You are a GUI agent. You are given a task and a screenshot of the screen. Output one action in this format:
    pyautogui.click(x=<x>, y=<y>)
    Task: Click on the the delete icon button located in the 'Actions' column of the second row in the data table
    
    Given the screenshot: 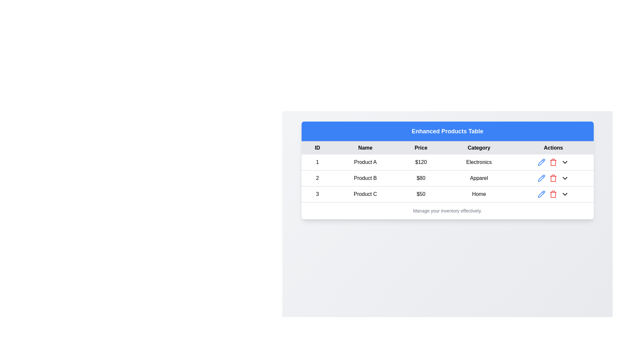 What is the action you would take?
    pyautogui.click(x=553, y=178)
    